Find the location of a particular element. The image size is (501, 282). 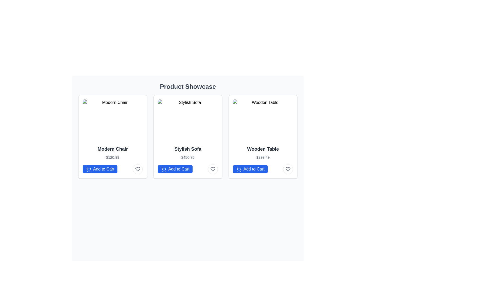

the favorite toggle button located at the bottom right corner of the 'Stylish Sofa' product card is located at coordinates (138, 169).